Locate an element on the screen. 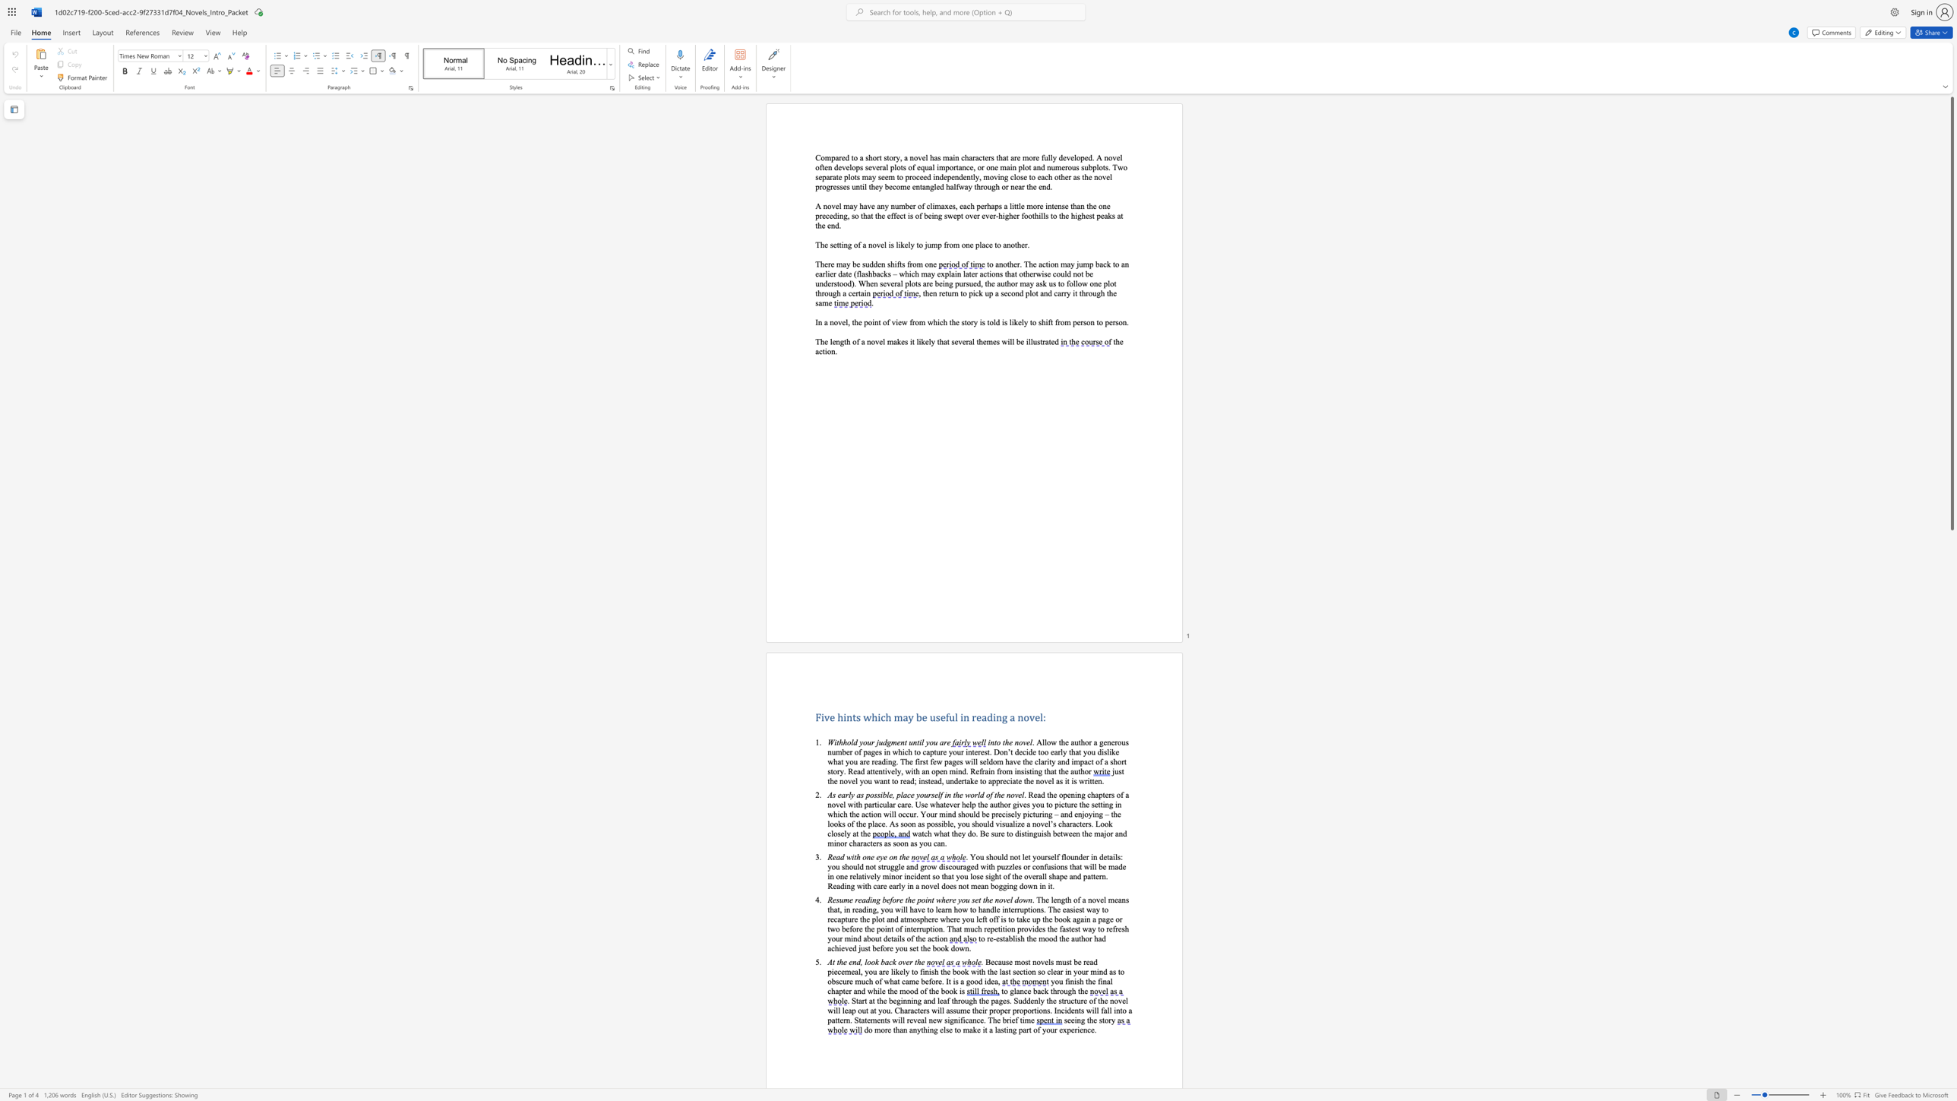 The width and height of the screenshot is (1957, 1101). the subset text "with the last section so clear in your mind as to obscure muc" within the text "Because most novels must be read piecemeal, you are likely to finish the book with the last section so clear in your mind as to obscure much of what came before. It is" is located at coordinates (970, 970).